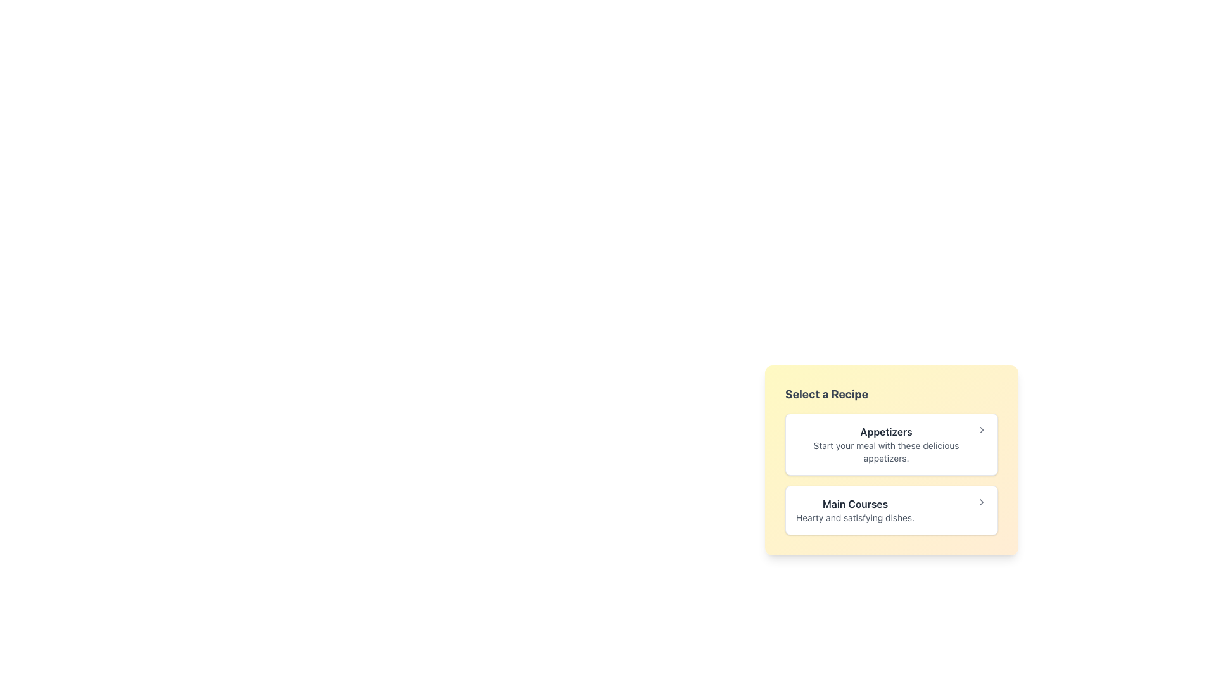  What do you see at coordinates (890, 510) in the screenshot?
I see `the List Item displaying 'Main Courses' with a description 'Hearty and satisfying dishes.'` at bounding box center [890, 510].